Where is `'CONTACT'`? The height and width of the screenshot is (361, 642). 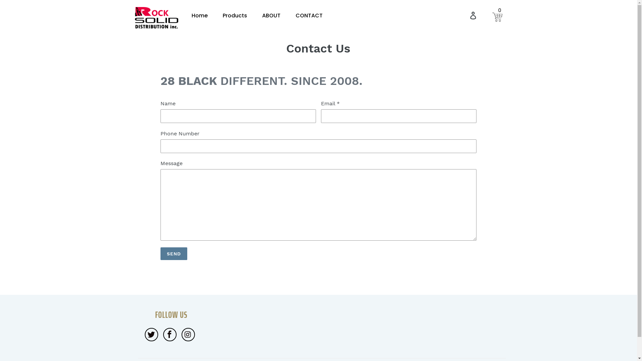 'CONTACT' is located at coordinates (309, 15).